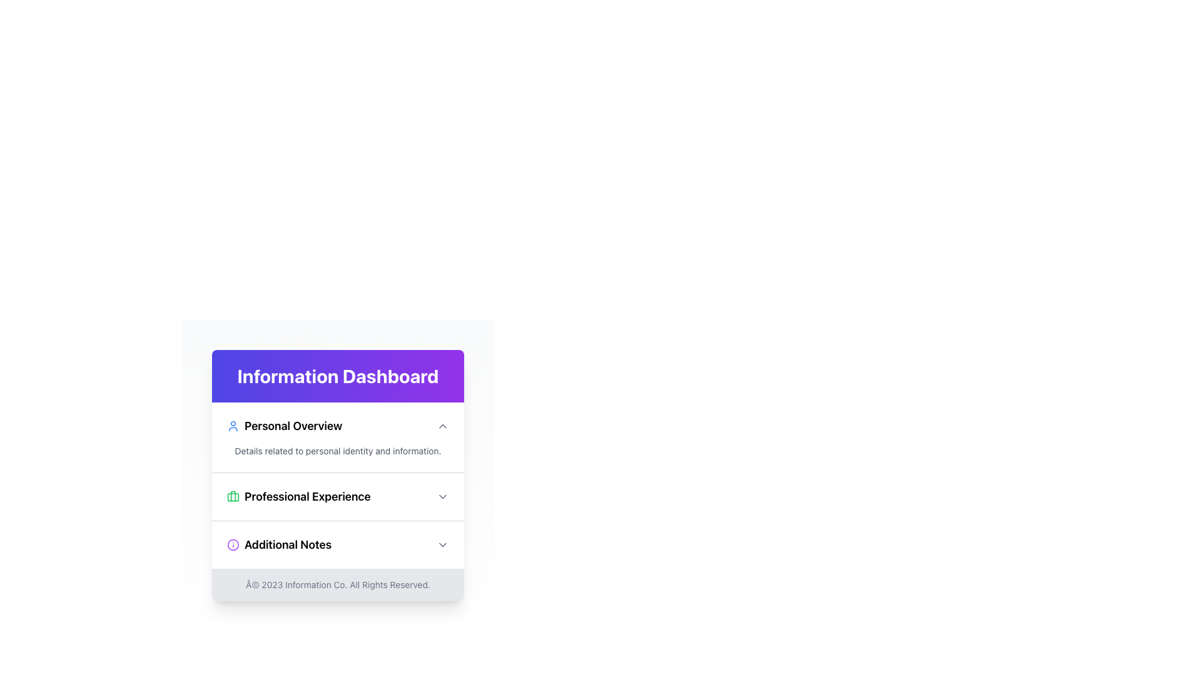 Image resolution: width=1201 pixels, height=675 pixels. Describe the element at coordinates (338, 496) in the screenshot. I see `the Collapsible Section Header located between the 'Personal Overview' and 'Additional Notes' sections` at that location.